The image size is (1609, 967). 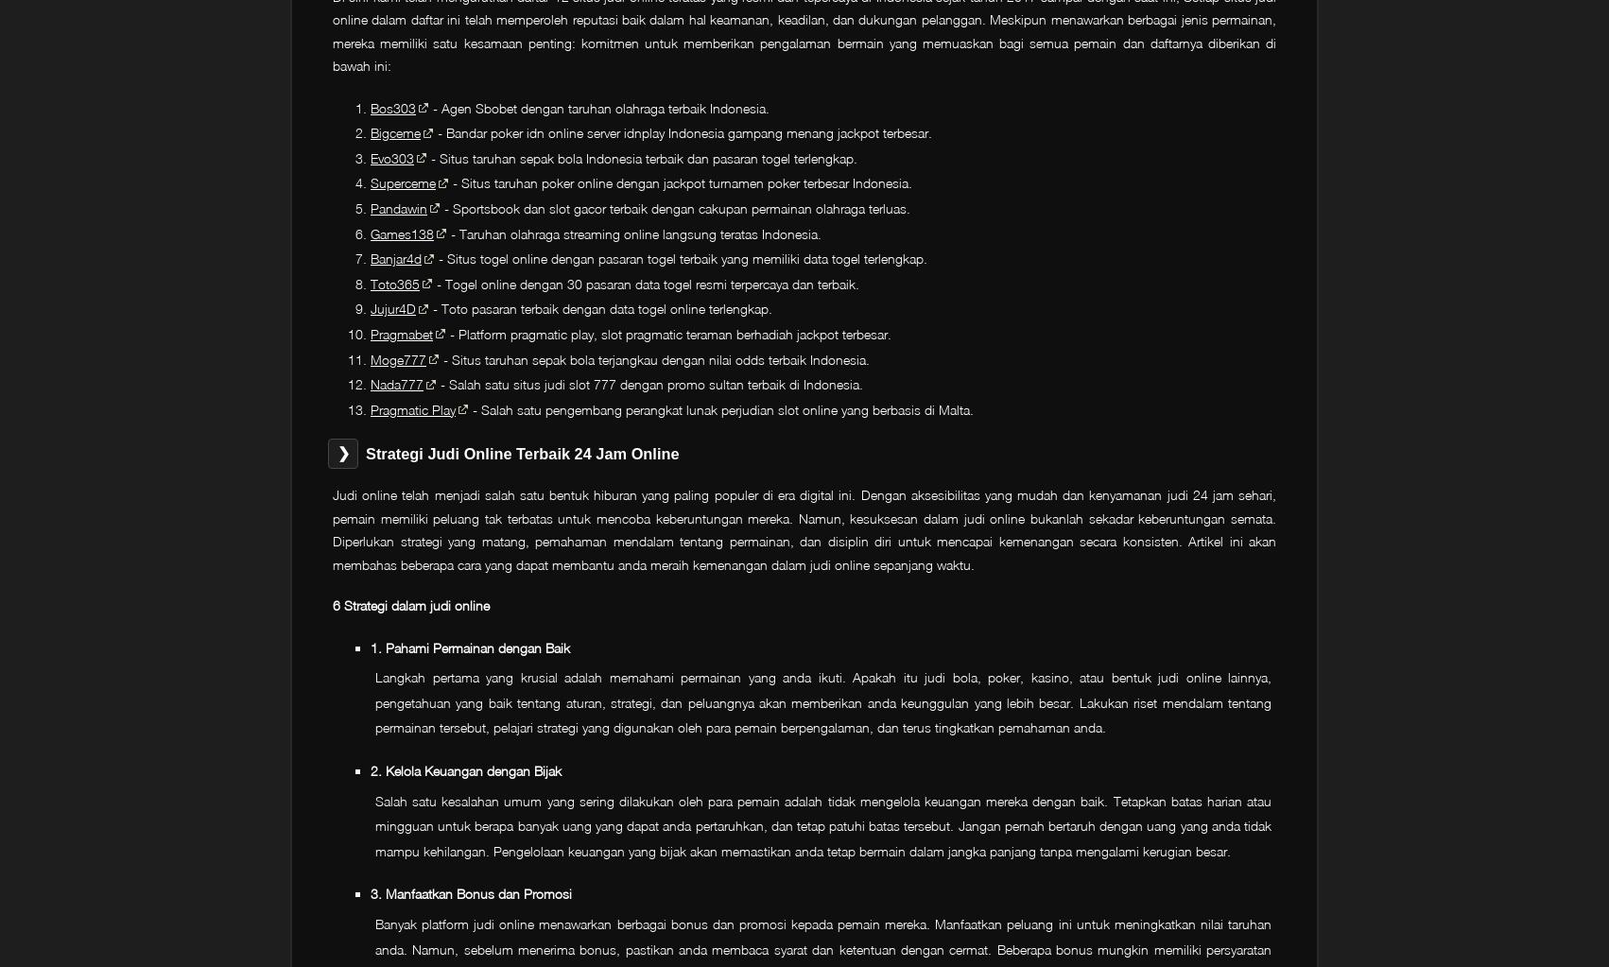 I want to click on '- Togel online dengan 30 pasaran data togel resmi terpercaya dan terbaik.', so click(x=646, y=282).